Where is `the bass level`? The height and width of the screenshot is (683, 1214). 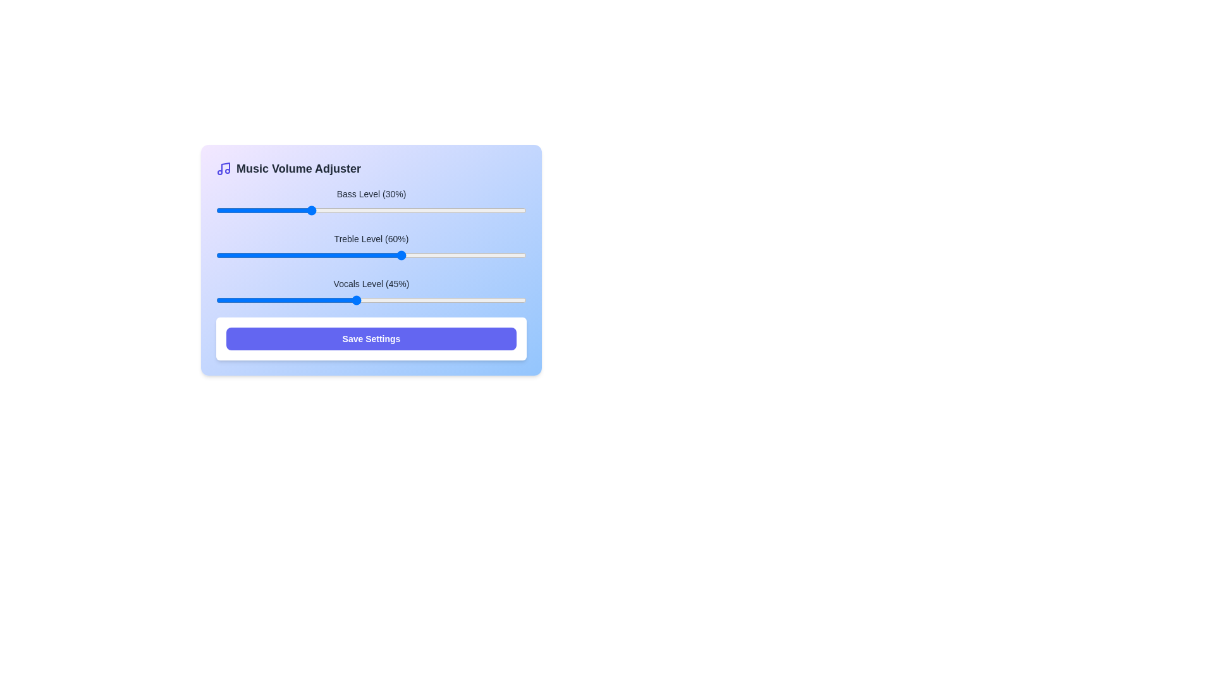
the bass level is located at coordinates (501, 209).